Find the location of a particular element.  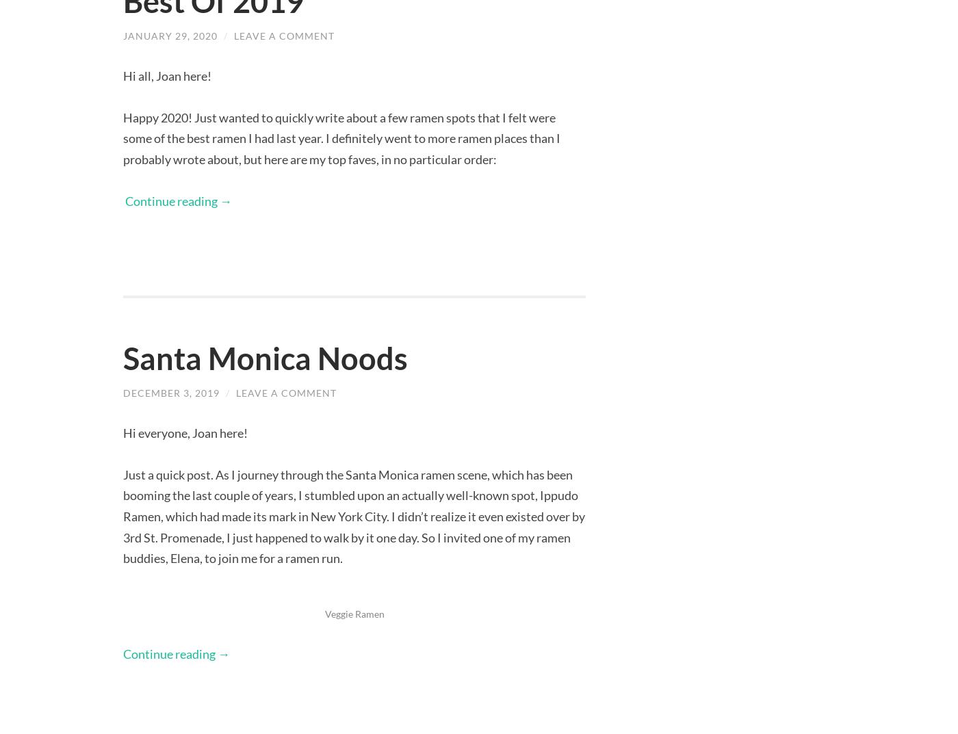

'Just a quick post. As I journey through the Santa Monica ramen scene, which has been booming the last couple of years, I stumbled upon an actually well-known spot, Ippudo Ramen, which had made its mark in New York City. I didn’t realize it even existed over by 3rd St. Promenade, I just happened to walk by it one day. So I invited one of my ramen buddies, Elena, to join me for a ramen run.' is located at coordinates (354, 515).